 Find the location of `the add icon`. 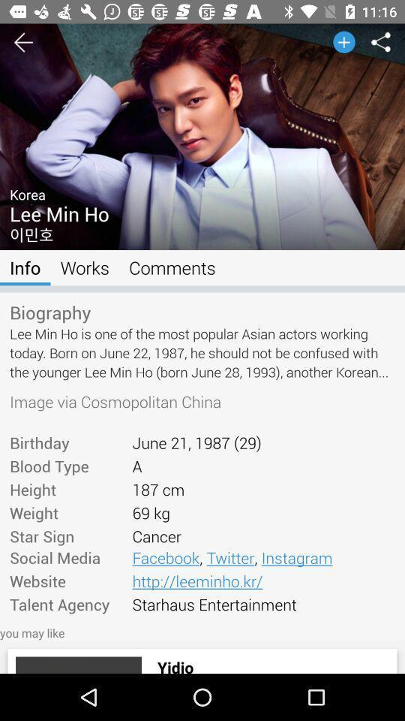

the add icon is located at coordinates (343, 41).